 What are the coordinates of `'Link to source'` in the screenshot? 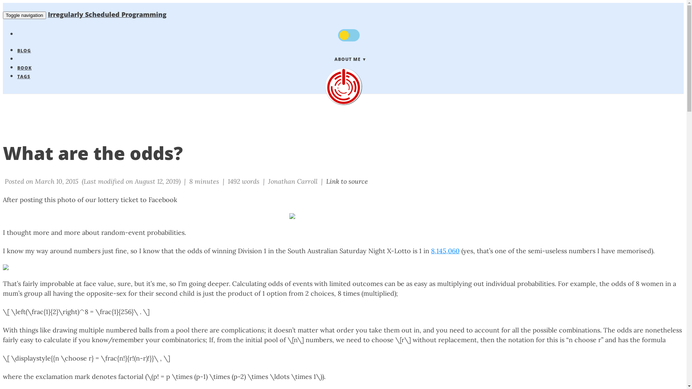 It's located at (347, 181).